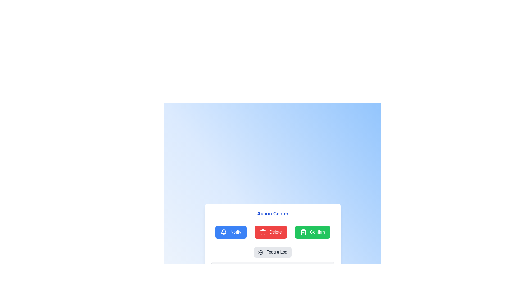  I want to click on the notification icon that is positioned to the left of the text 'Notify' within the blue rectangular button located at the upper section of the interface, so click(224, 232).